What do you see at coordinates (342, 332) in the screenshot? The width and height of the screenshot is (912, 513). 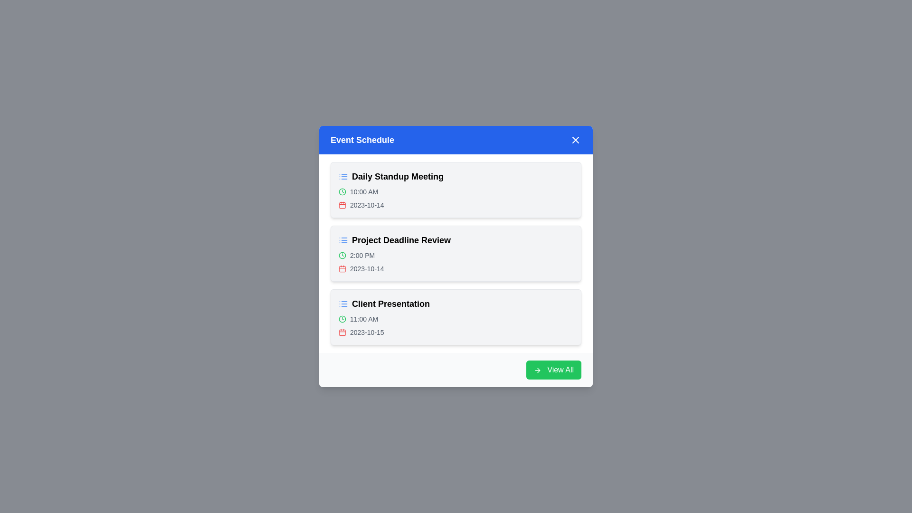 I see `the calendar icon representing the date '2023-10-15' in the third entry of the event schedule list, which is located to the left of the date text` at bounding box center [342, 332].